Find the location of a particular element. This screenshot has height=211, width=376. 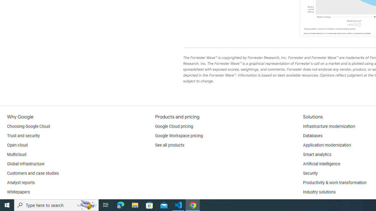

'Customers and case studies' is located at coordinates (33, 173).